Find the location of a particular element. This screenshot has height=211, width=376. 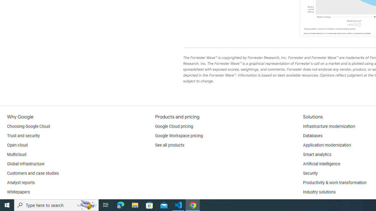

'Customers and case studies' is located at coordinates (33, 173).